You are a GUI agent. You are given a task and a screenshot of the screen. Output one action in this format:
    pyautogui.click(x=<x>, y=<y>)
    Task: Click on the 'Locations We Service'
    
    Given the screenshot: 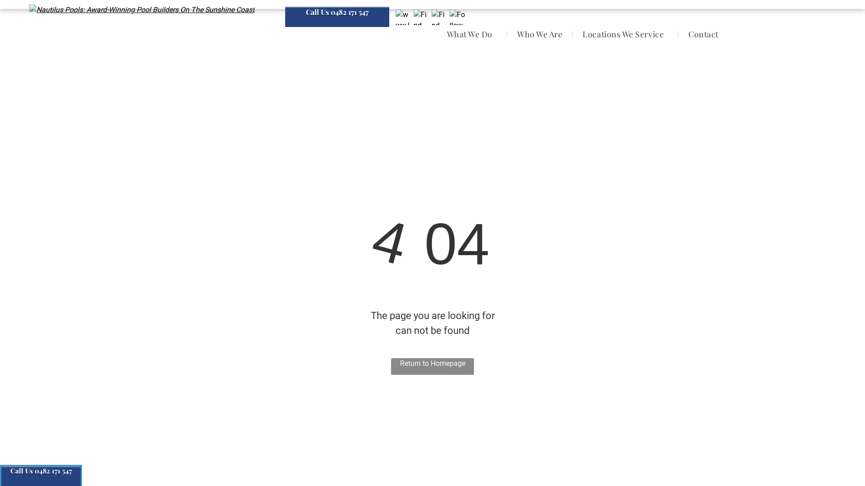 What is the action you would take?
    pyautogui.click(x=573, y=34)
    